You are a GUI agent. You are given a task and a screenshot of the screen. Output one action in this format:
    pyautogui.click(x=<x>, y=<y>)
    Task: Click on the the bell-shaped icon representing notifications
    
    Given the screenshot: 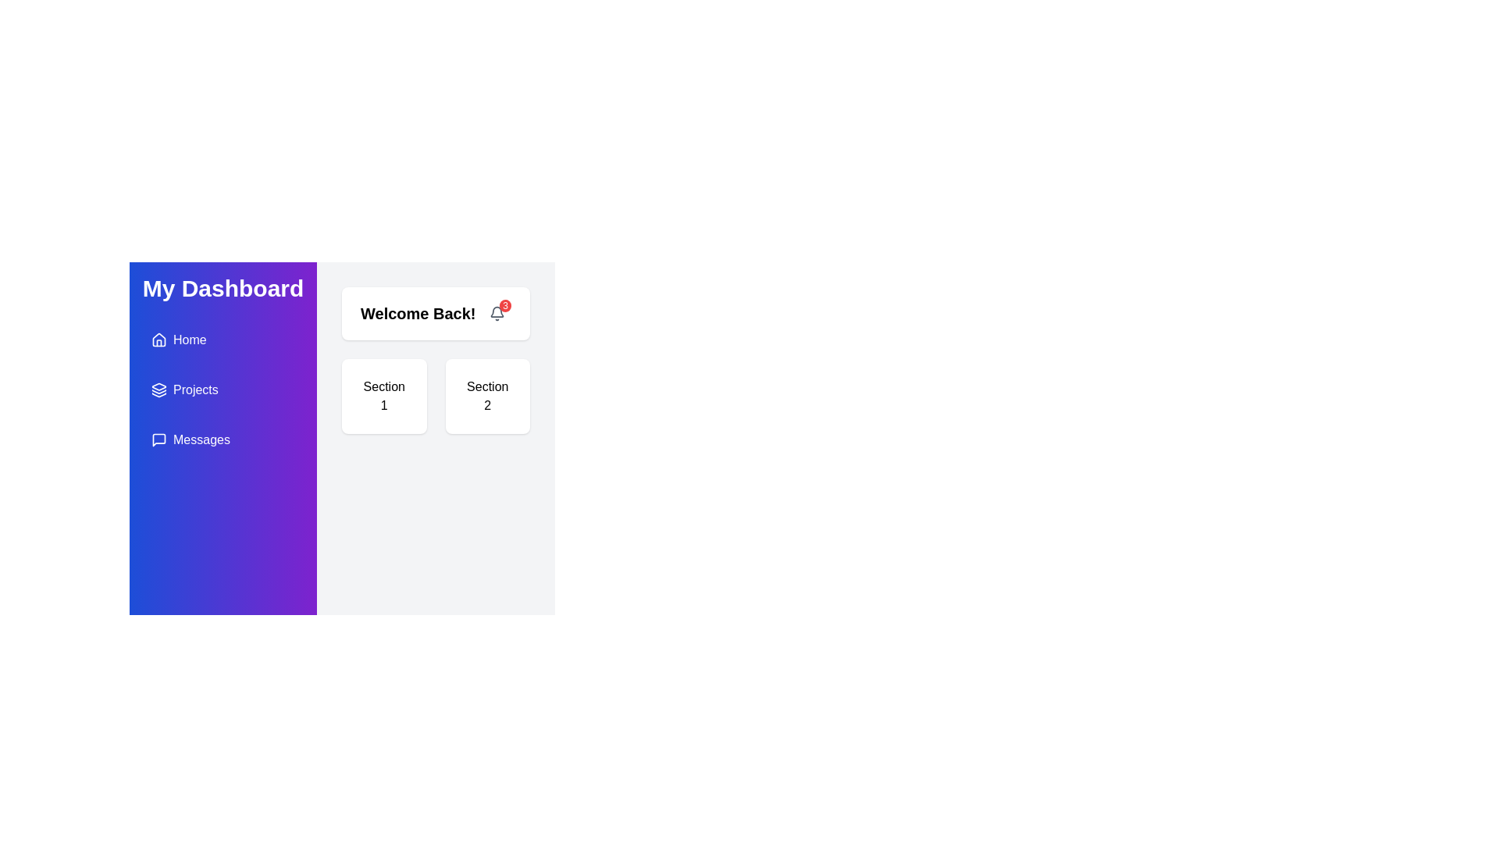 What is the action you would take?
    pyautogui.click(x=497, y=313)
    